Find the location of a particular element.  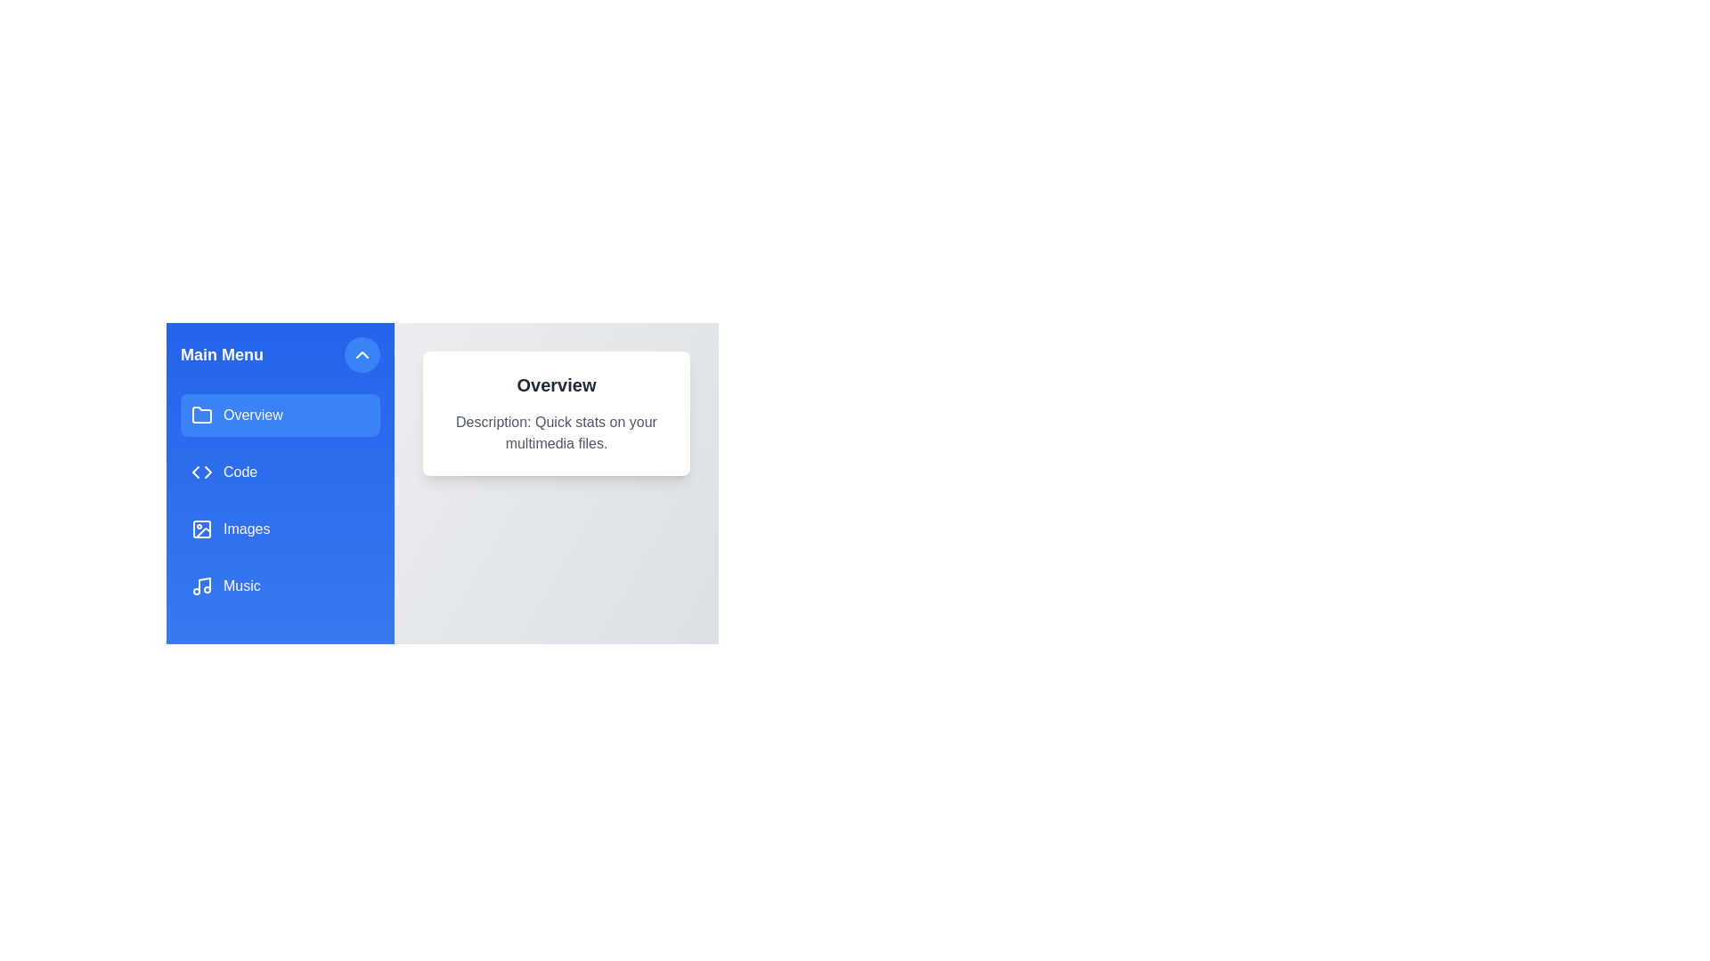

the 'Code' text label in the vertical navigation menu, which is styled with a medium-weight font and is positioned below the 'Overview' menu item and above the 'Images' menu item is located at coordinates (240, 472).